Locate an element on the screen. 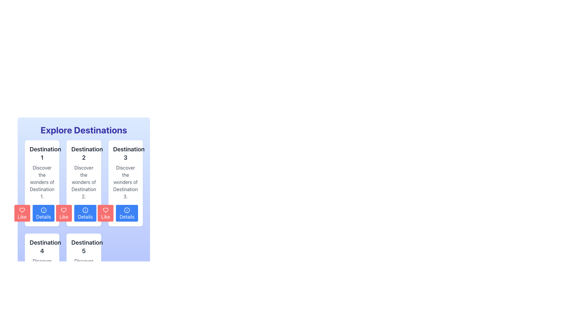 This screenshot has height=323, width=575. the red heart-shaped icon button labeled 'Like' located at the bottom left corner of the 'Destination 4' card to like the content is located at coordinates (22, 303).